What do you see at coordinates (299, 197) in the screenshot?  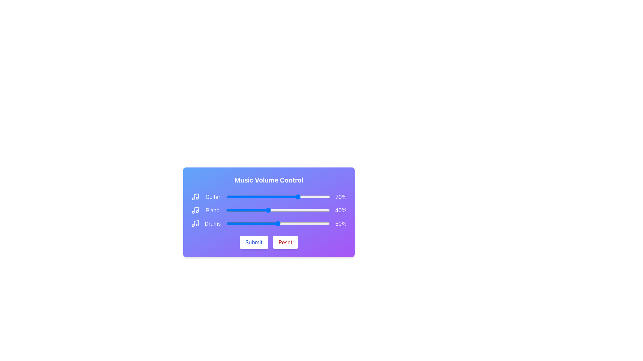 I see `guitar volume` at bounding box center [299, 197].